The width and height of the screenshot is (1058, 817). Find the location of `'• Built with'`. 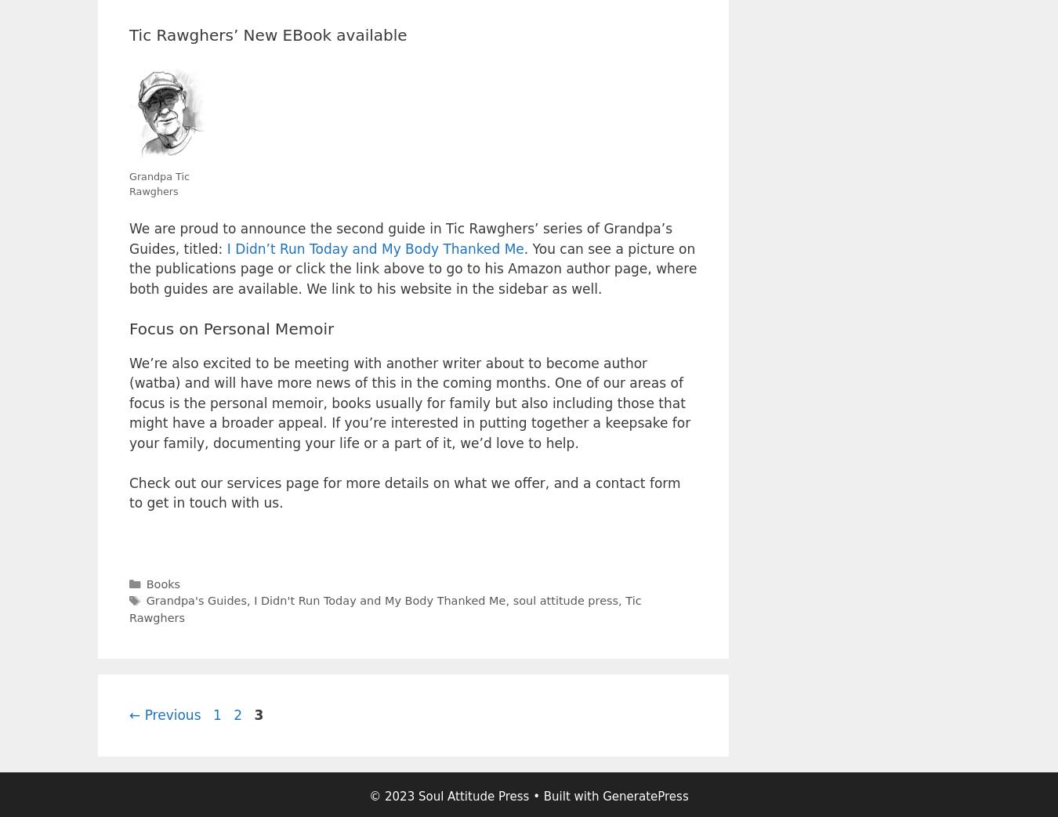

'• Built with' is located at coordinates (564, 797).